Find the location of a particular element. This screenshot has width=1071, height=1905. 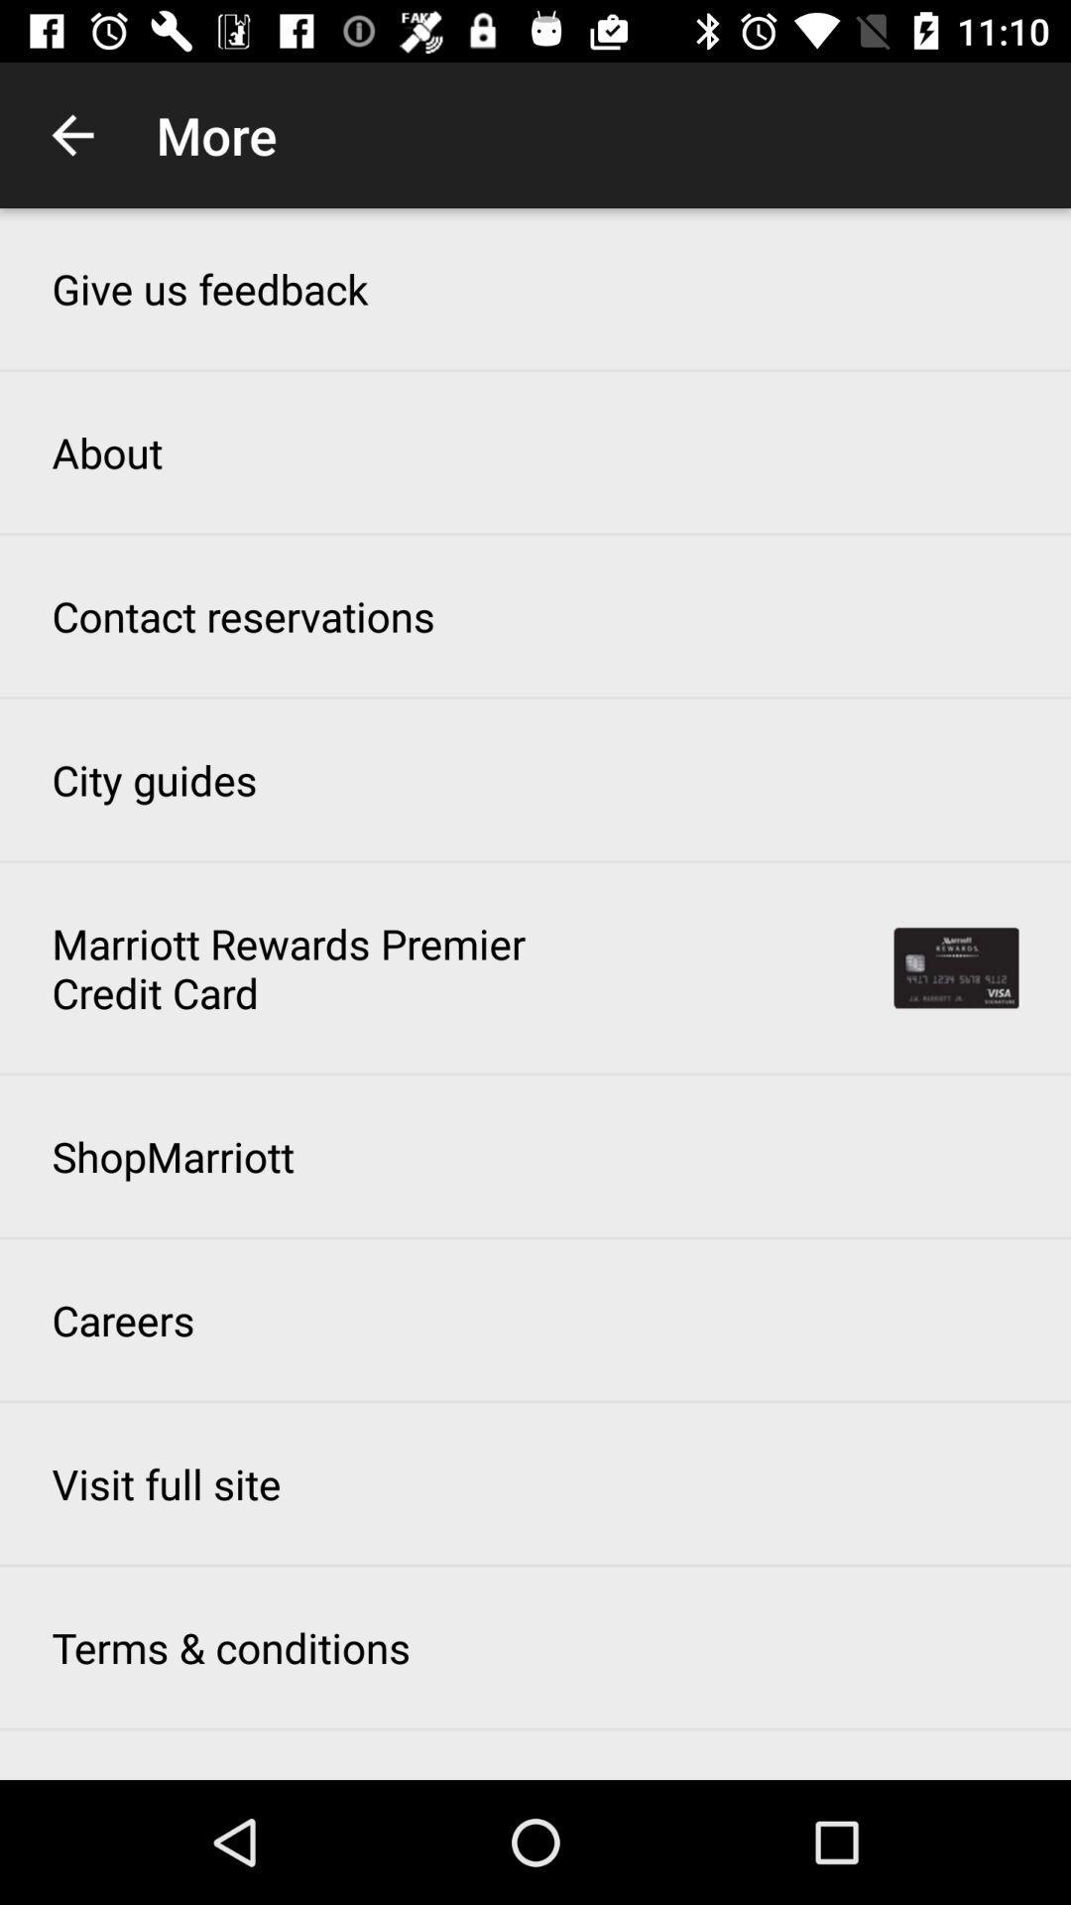

terms & conditions item is located at coordinates (230, 1647).